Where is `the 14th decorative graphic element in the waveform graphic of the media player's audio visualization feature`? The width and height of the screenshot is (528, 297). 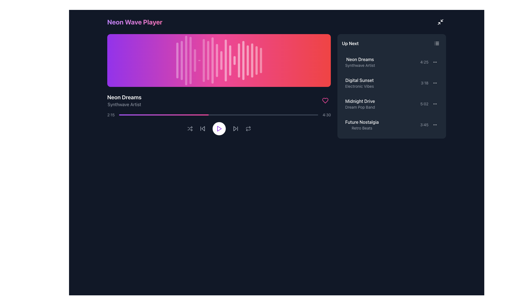
the 14th decorative graphic element in the waveform graphic of the media player's audio visualization feature is located at coordinates (234, 60).